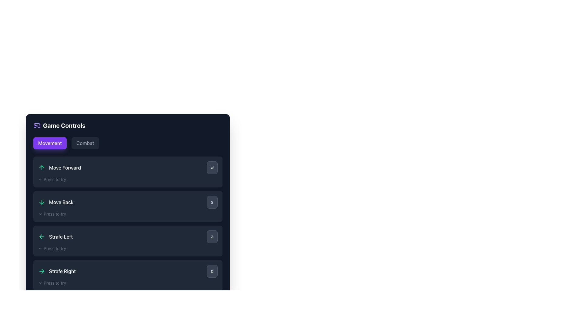 The height and width of the screenshot is (327, 582). I want to click on the left-pointing emerald arrow icon associated with the 'Strafe Left' action in the 'Movement' section of the 'Game Controls' panel, so click(42, 236).